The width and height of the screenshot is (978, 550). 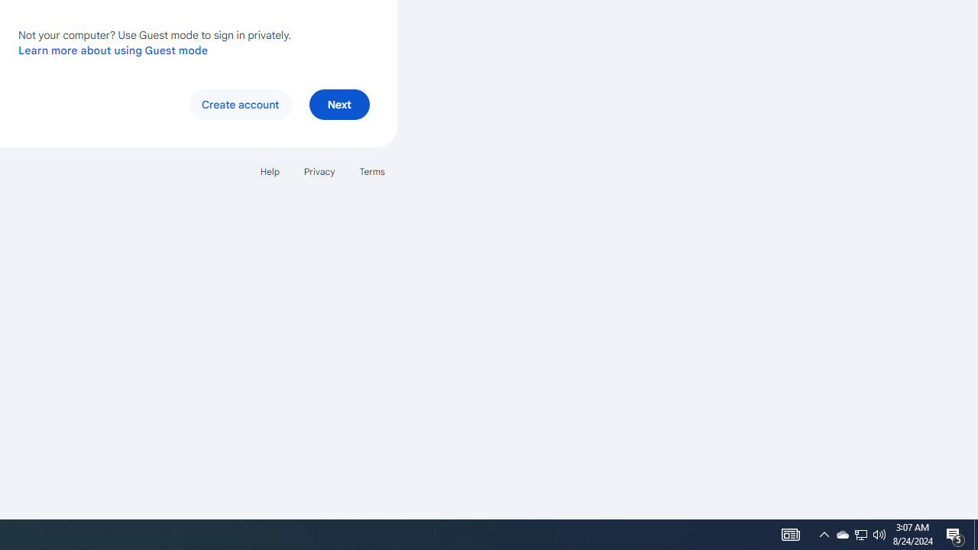 I want to click on 'Terms', so click(x=372, y=171).